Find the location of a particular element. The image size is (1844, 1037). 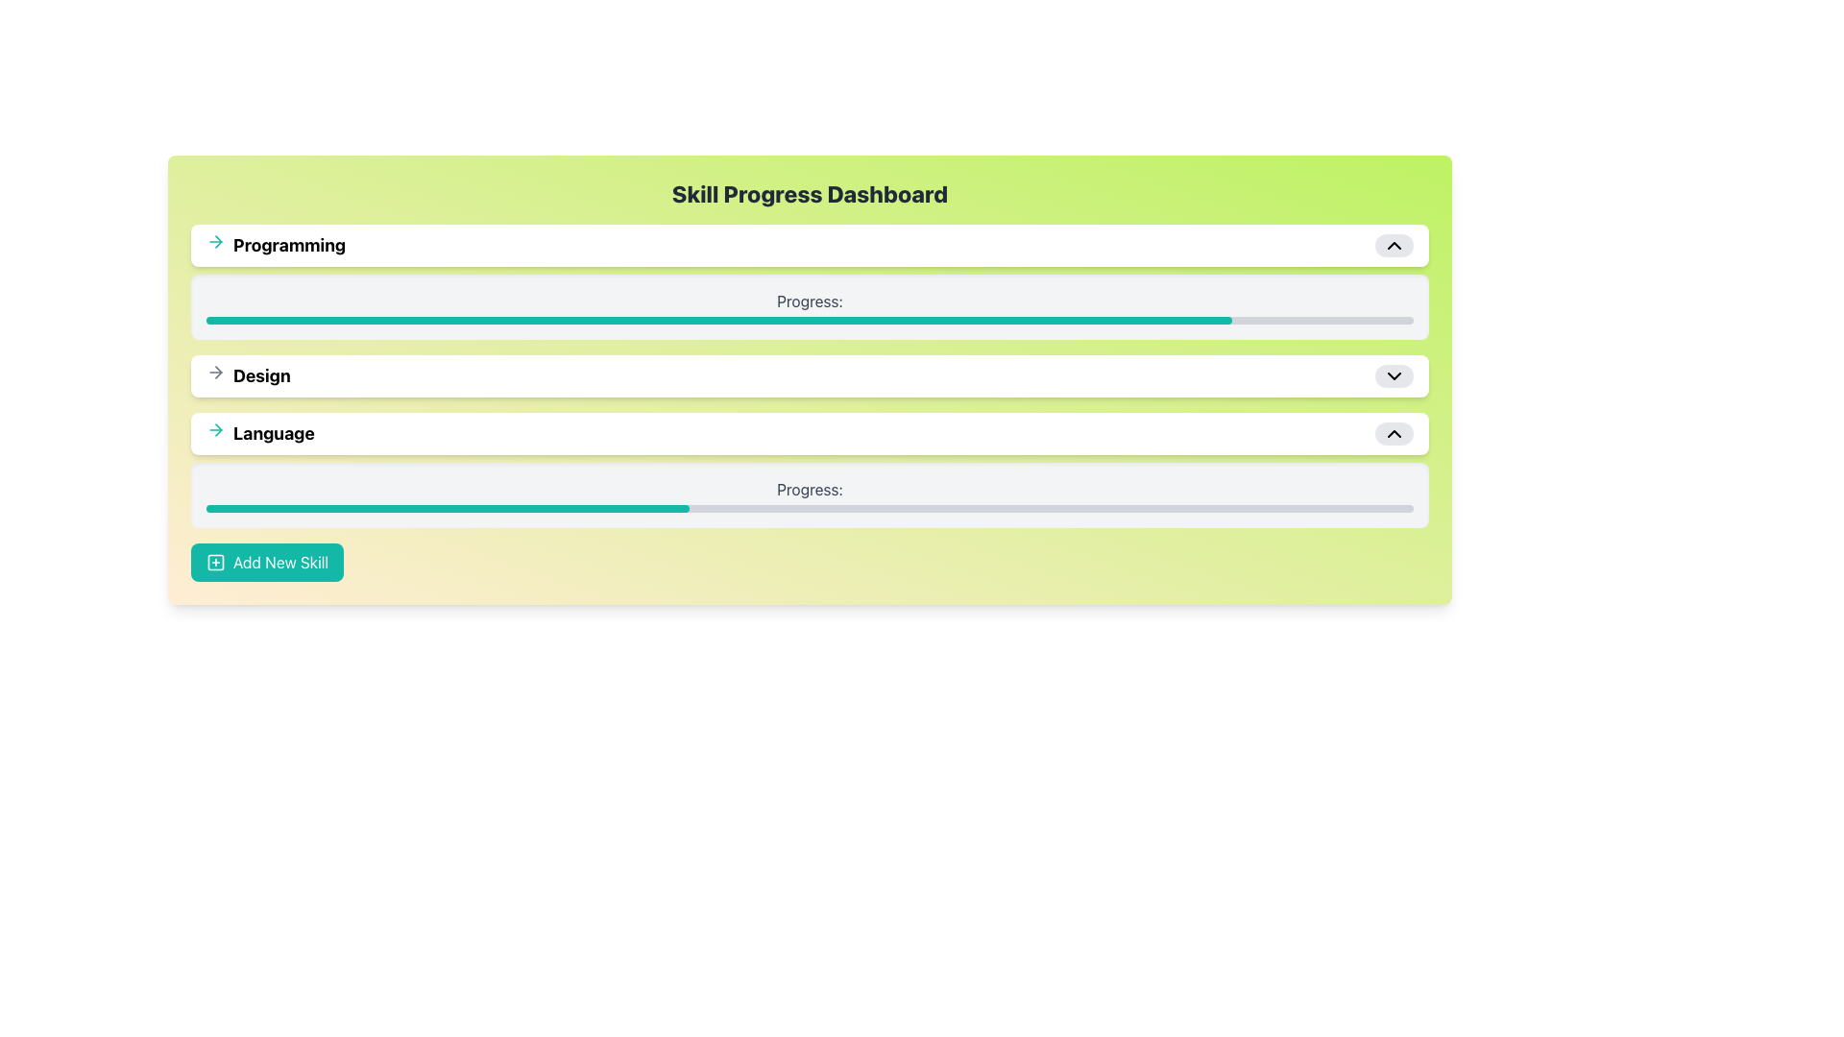

the 'Language' skill category label in the skill progress dashboard, which is the third item in a vertical stack of similar items is located at coordinates (273, 433).